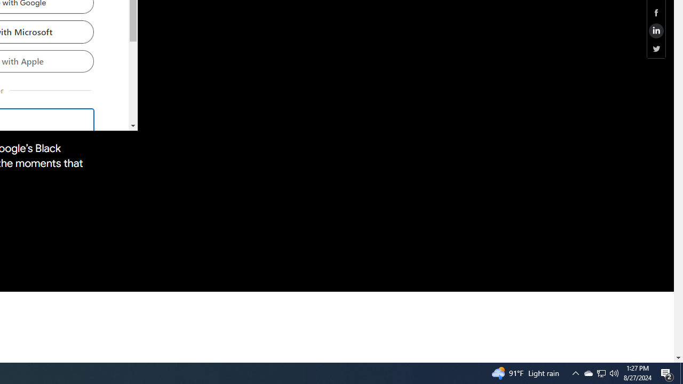 The height and width of the screenshot is (384, 683). Describe the element at coordinates (601, 372) in the screenshot. I see `'User Promoted Notification Area'` at that location.